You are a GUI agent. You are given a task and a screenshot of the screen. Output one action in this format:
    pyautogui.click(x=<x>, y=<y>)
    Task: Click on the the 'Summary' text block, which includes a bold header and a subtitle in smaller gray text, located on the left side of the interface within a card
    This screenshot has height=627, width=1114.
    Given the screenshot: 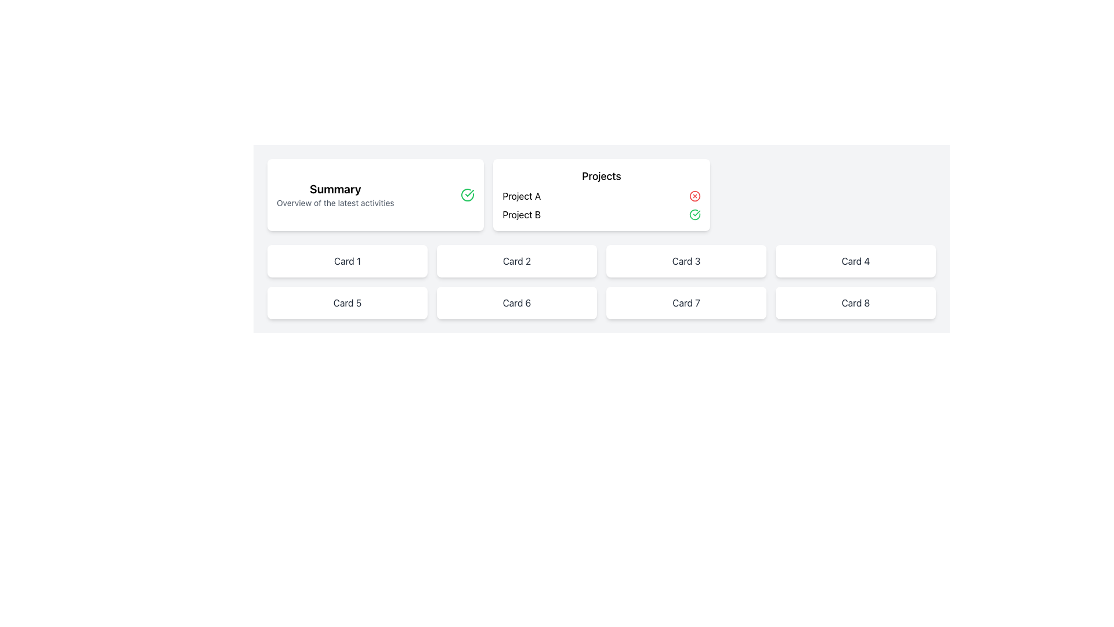 What is the action you would take?
    pyautogui.click(x=335, y=194)
    